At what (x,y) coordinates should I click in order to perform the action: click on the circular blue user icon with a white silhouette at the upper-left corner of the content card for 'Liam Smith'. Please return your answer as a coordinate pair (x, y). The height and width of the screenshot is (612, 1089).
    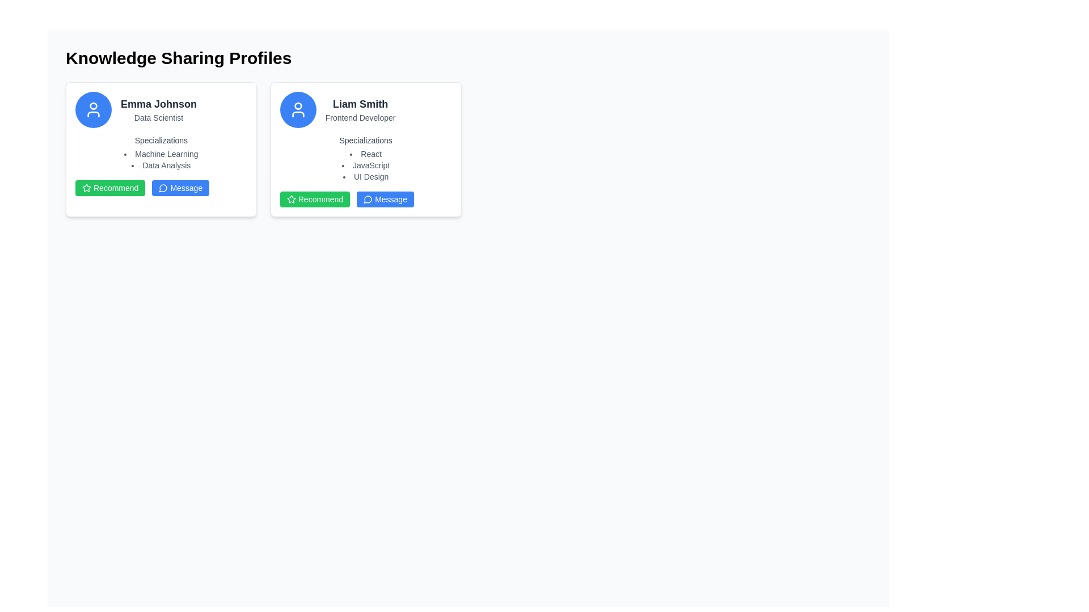
    Looking at the image, I should click on (298, 109).